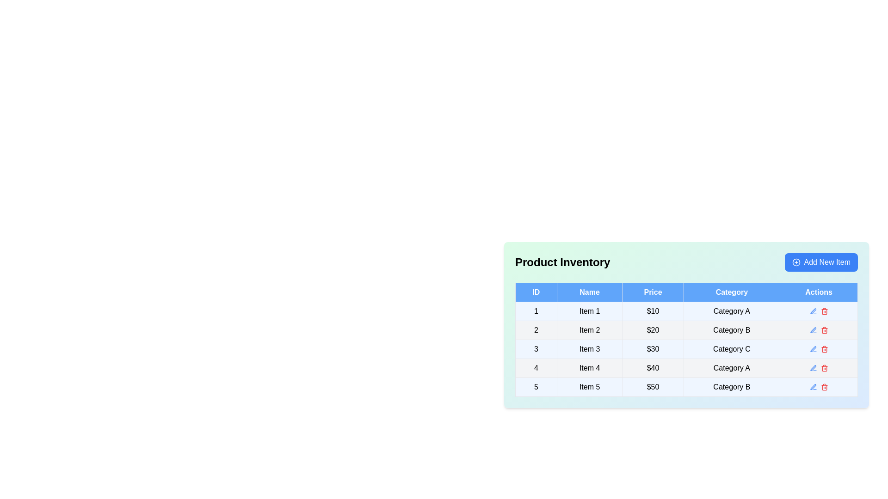 The width and height of the screenshot is (888, 499). I want to click on the red trash bin icon in the Actions column of the last row (Item 5), so click(819, 387).